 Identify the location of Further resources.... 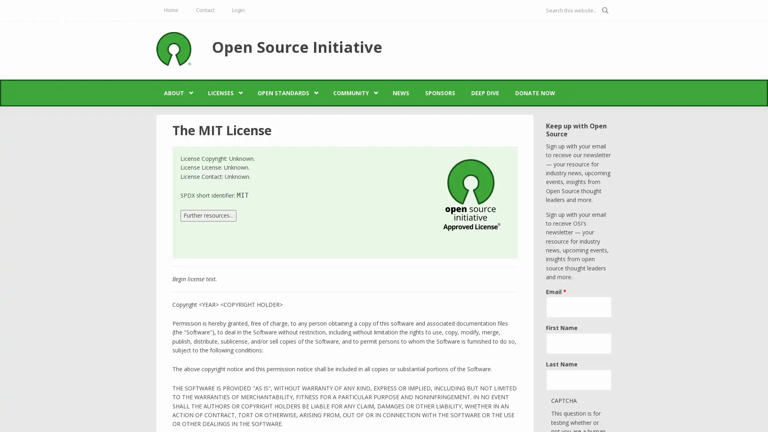
(208, 215).